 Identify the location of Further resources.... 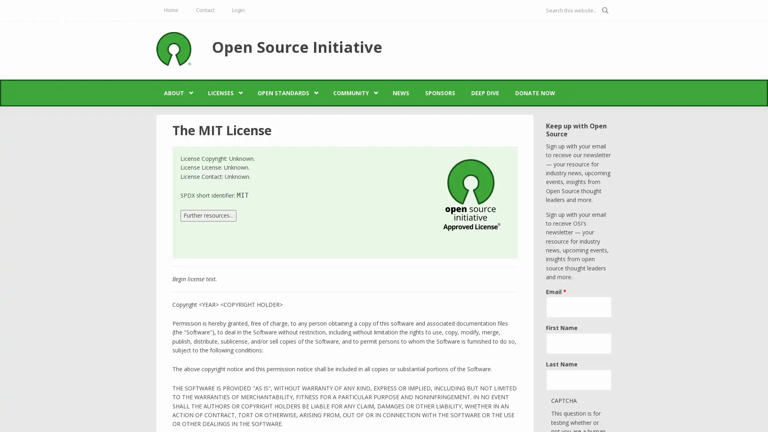
(208, 215).